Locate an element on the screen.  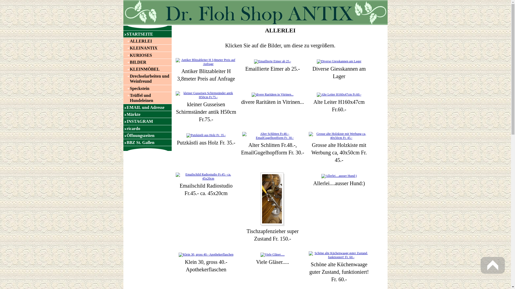
'Grosse alte Holzkiste mit Werbung ca, 40x50cm Fr. 45.-' is located at coordinates (339, 135).